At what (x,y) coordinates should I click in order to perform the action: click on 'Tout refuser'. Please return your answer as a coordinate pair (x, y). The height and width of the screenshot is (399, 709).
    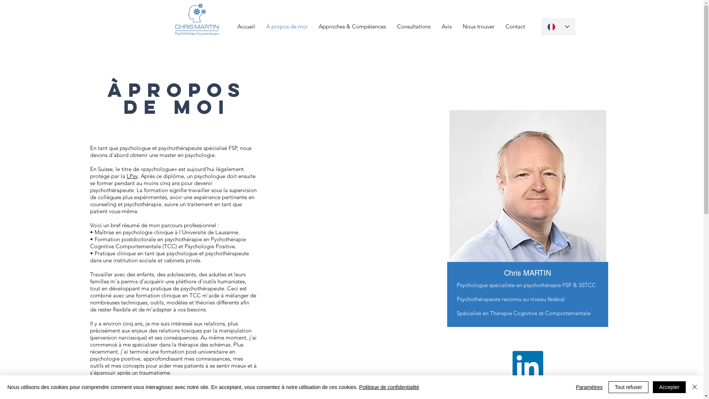
    Looking at the image, I should click on (628, 387).